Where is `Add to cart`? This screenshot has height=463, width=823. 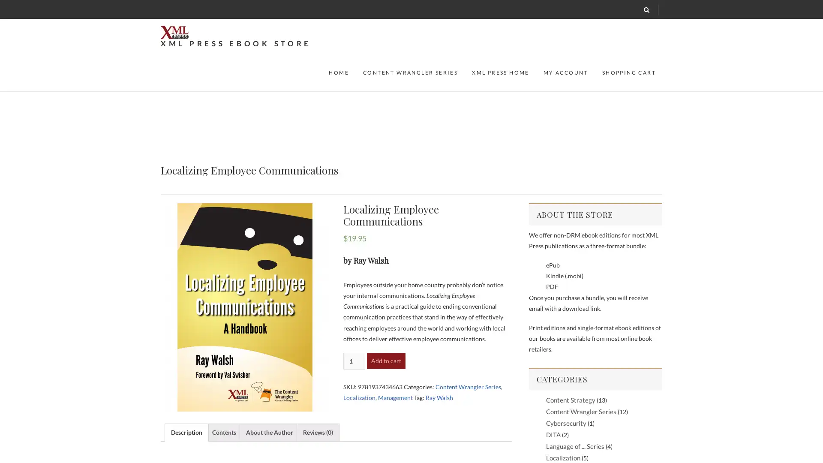
Add to cart is located at coordinates (385, 360).